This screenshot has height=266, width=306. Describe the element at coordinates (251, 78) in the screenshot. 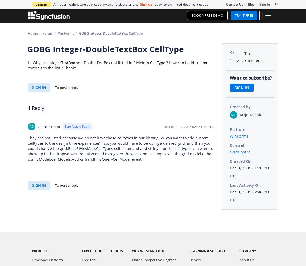

I see `'Want to subscribe?'` at that location.